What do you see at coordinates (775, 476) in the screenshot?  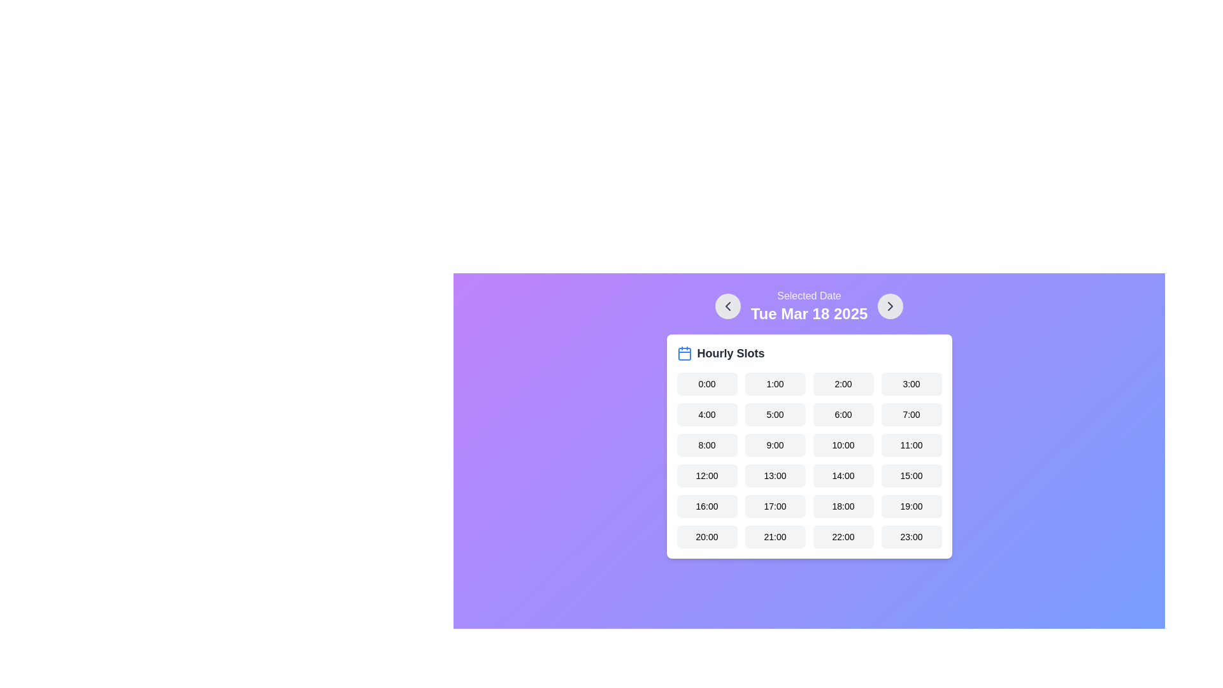 I see `the time slot button representing 13:00 (1:00 PM)` at bounding box center [775, 476].